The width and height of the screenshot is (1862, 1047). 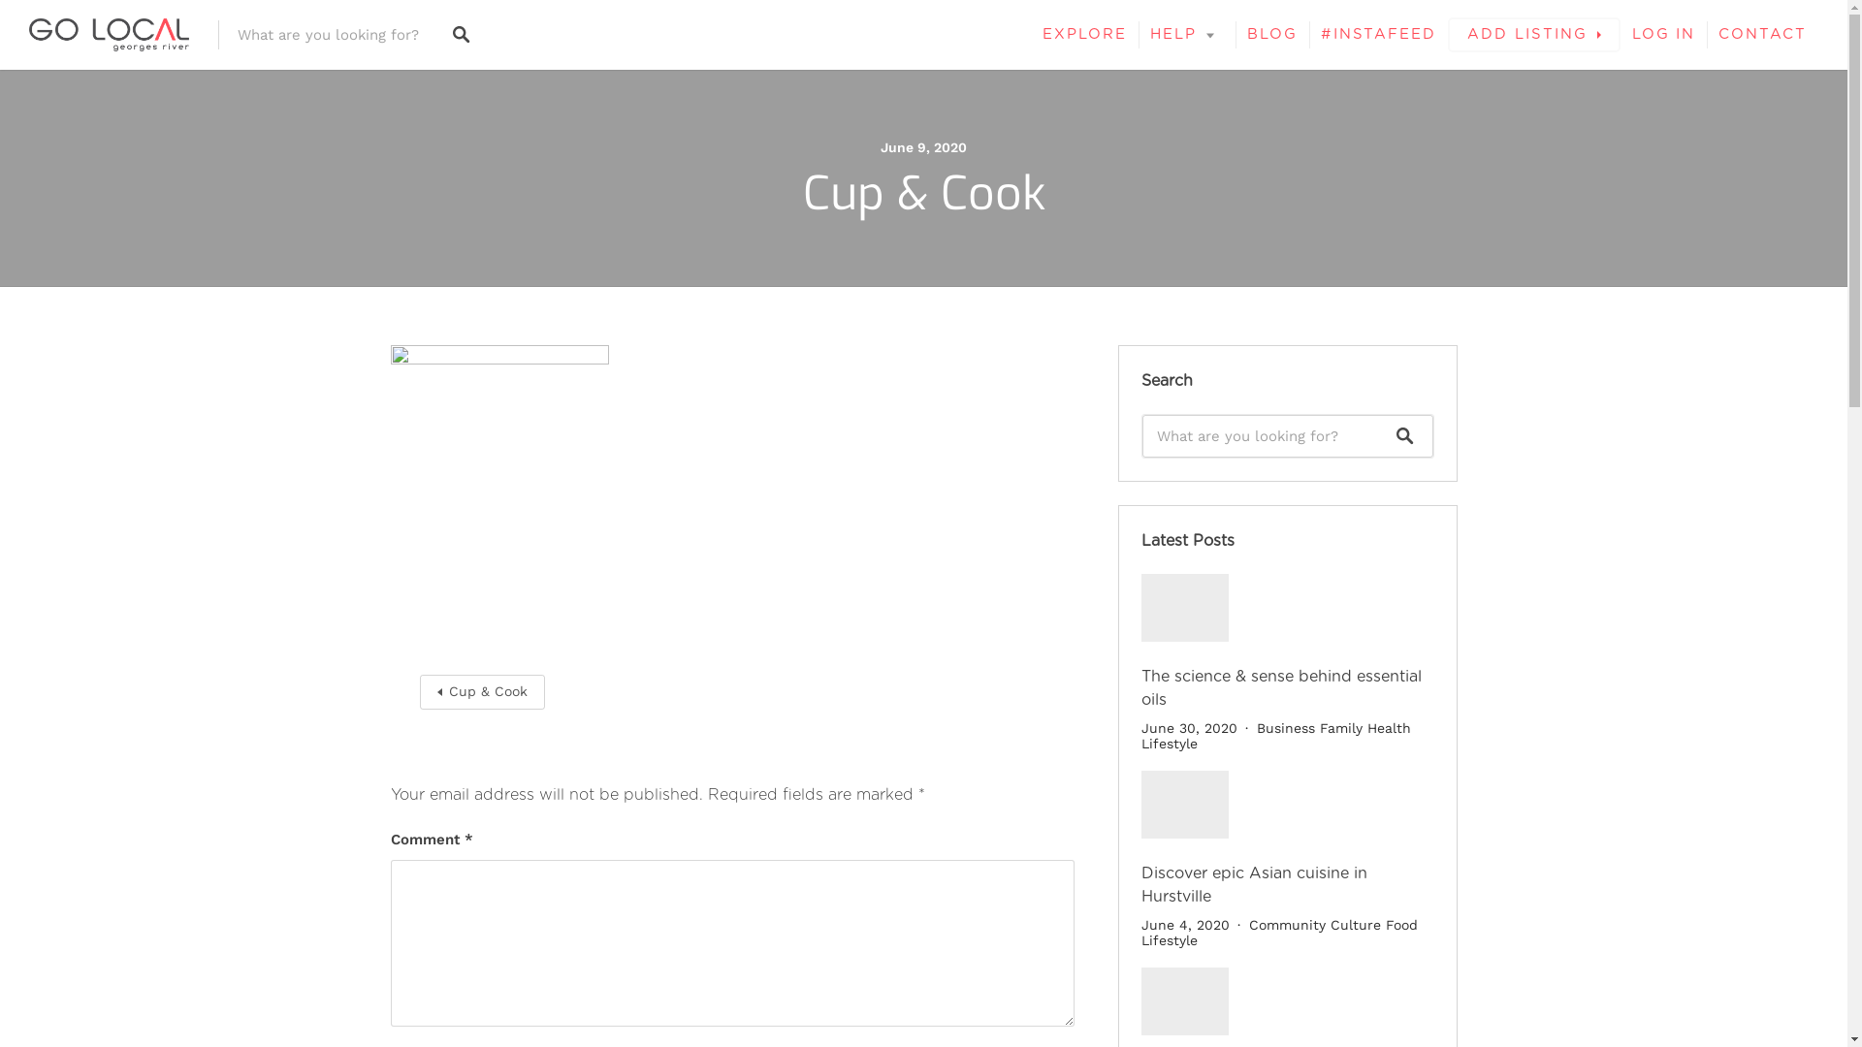 What do you see at coordinates (1354, 923) in the screenshot?
I see `'Culture'` at bounding box center [1354, 923].